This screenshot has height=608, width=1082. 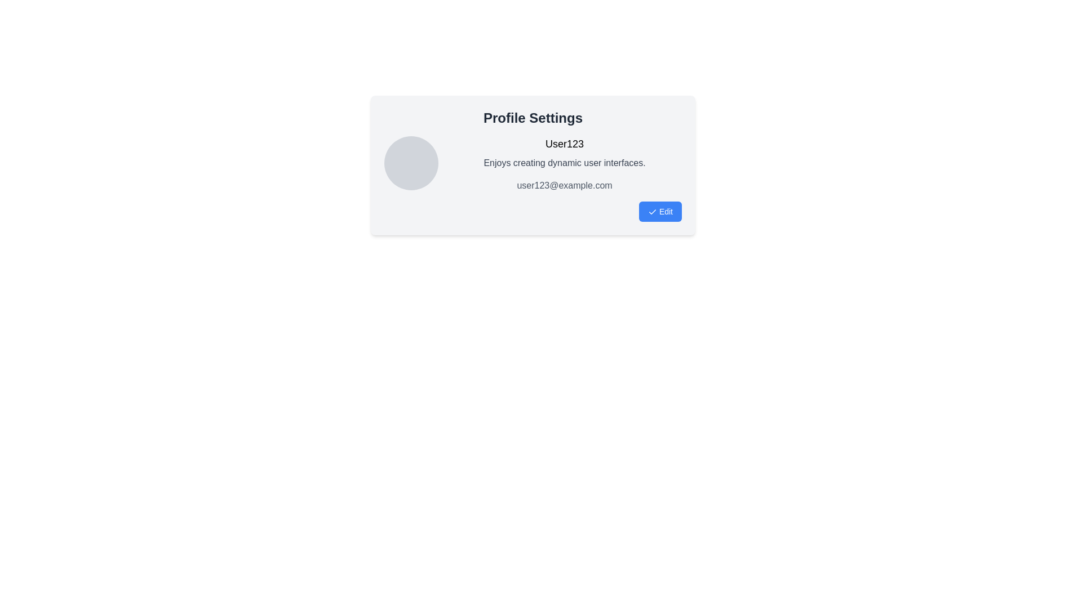 I want to click on the static design of the checkmark icon located within the 'Edit' button at the bottom-right corner of the 'Profile Settings' card, so click(x=652, y=212).